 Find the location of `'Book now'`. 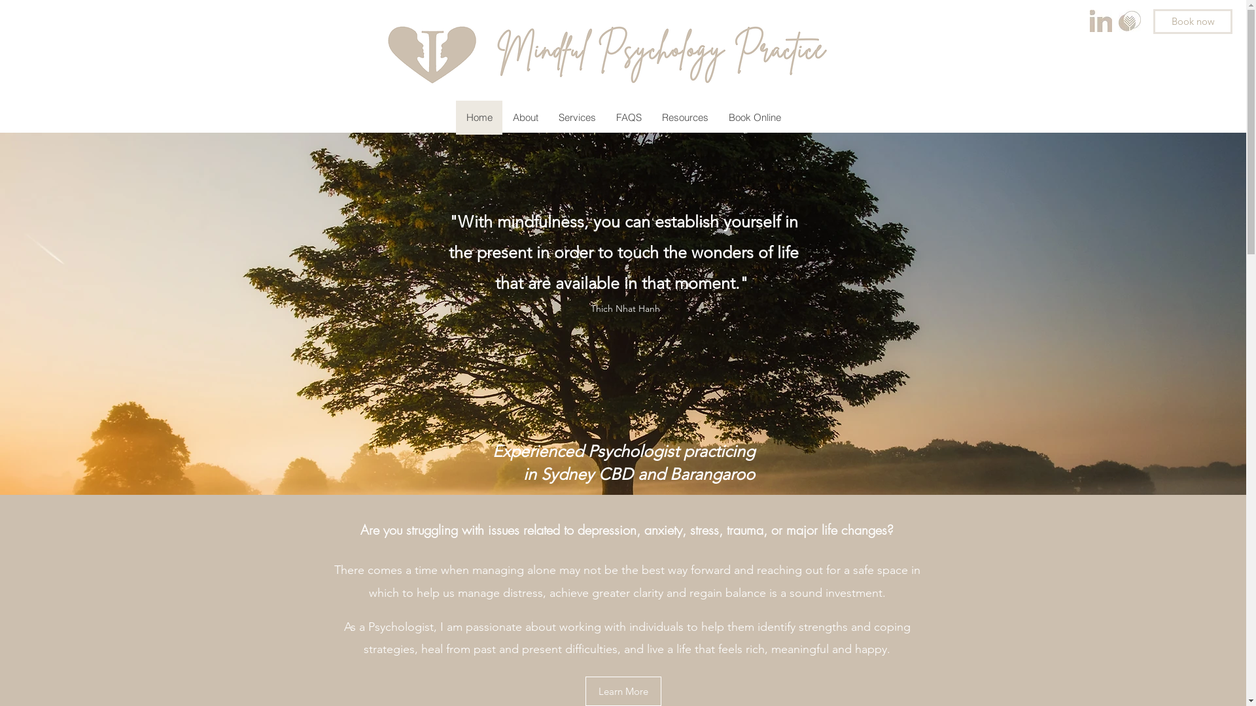

'Book now' is located at coordinates (1193, 22).